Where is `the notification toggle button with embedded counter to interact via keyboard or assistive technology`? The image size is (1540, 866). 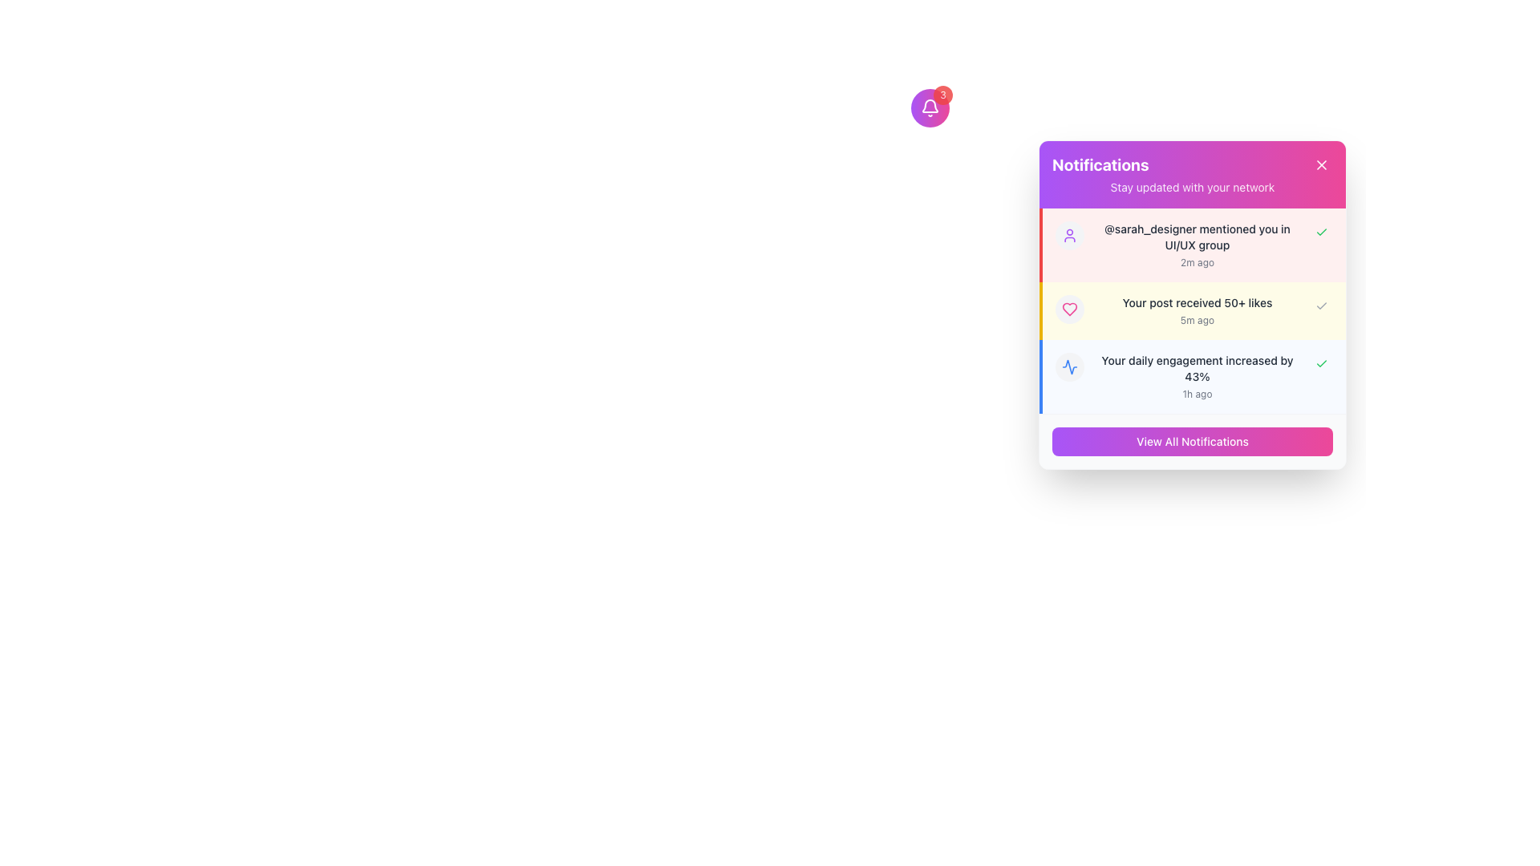 the notification toggle button with embedded counter to interact via keyboard or assistive technology is located at coordinates (930, 108).